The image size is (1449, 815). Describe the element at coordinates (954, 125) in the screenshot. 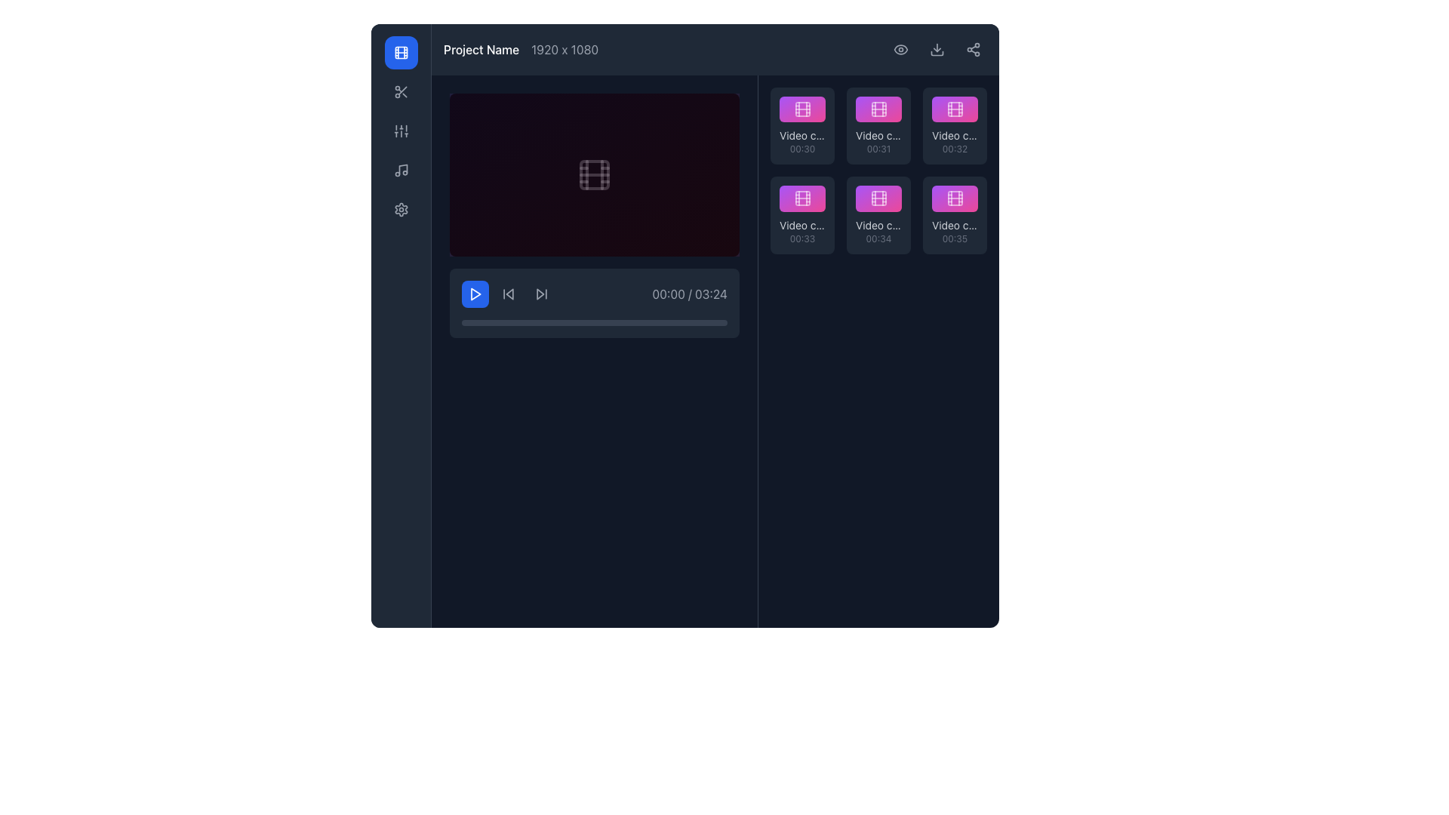

I see `the third video clip selection card located in the upper right corner of the grid` at that location.